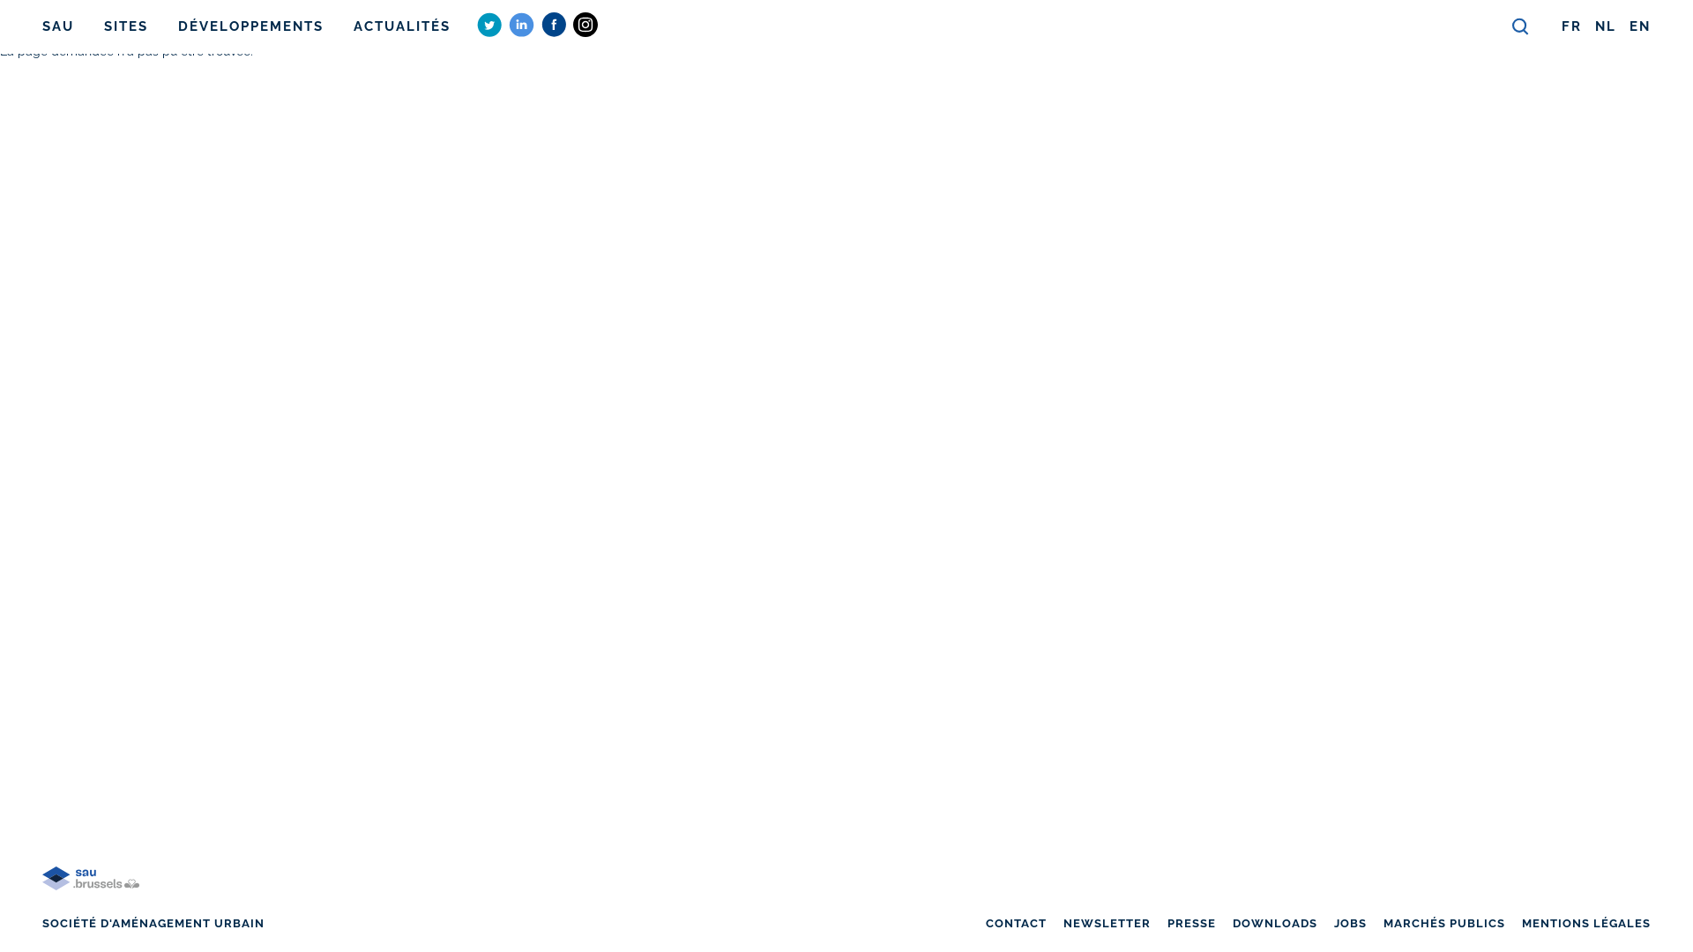  What do you see at coordinates (1519, 26) in the screenshot?
I see `'Search'` at bounding box center [1519, 26].